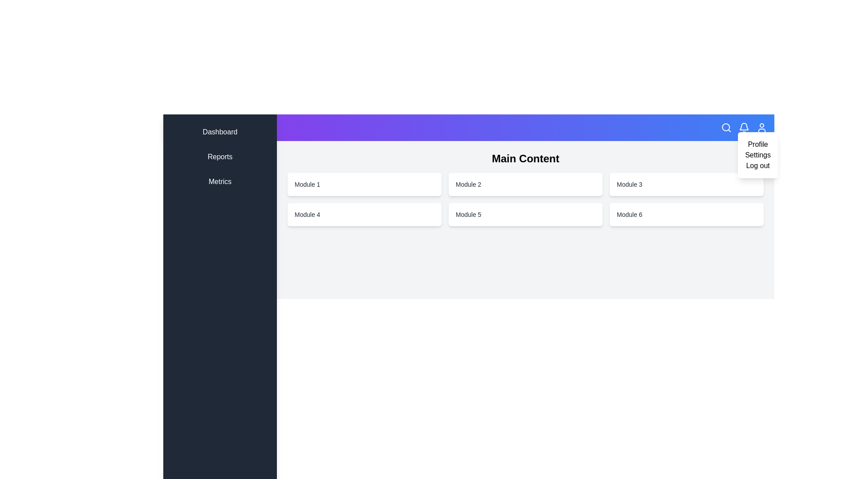 The width and height of the screenshot is (852, 479). What do you see at coordinates (726, 127) in the screenshot?
I see `the inner circle of the magnifying glass icon located in the top-right corner of the navigation bar, which is represented as an SVG circle element` at bounding box center [726, 127].